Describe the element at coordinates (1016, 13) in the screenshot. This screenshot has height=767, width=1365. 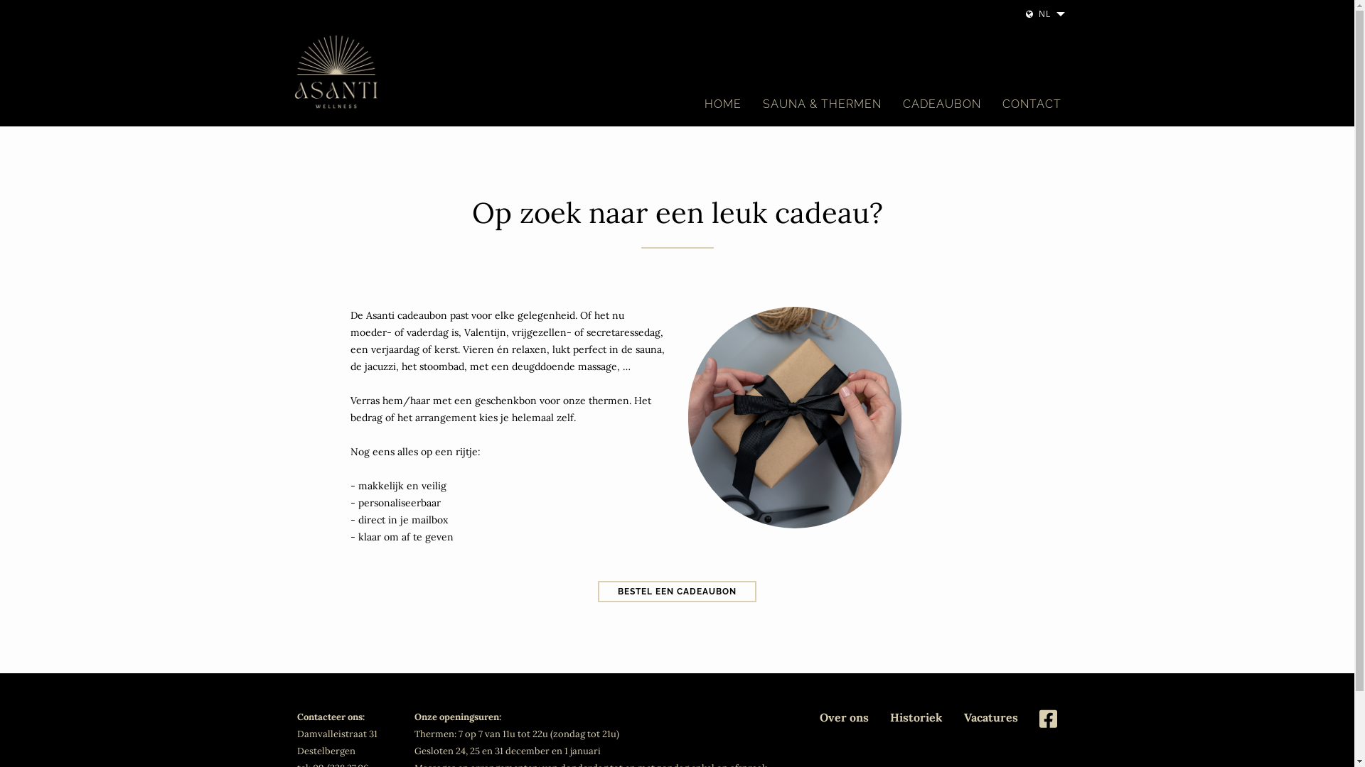
I see `'NL'` at that location.